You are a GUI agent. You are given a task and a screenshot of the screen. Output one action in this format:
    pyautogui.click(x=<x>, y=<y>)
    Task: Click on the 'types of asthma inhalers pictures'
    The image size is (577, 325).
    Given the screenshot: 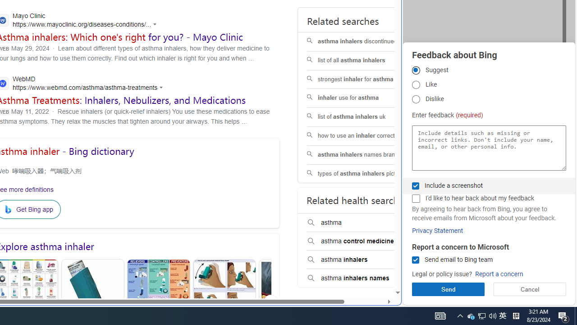 What is the action you would take?
    pyautogui.click(x=364, y=174)
    